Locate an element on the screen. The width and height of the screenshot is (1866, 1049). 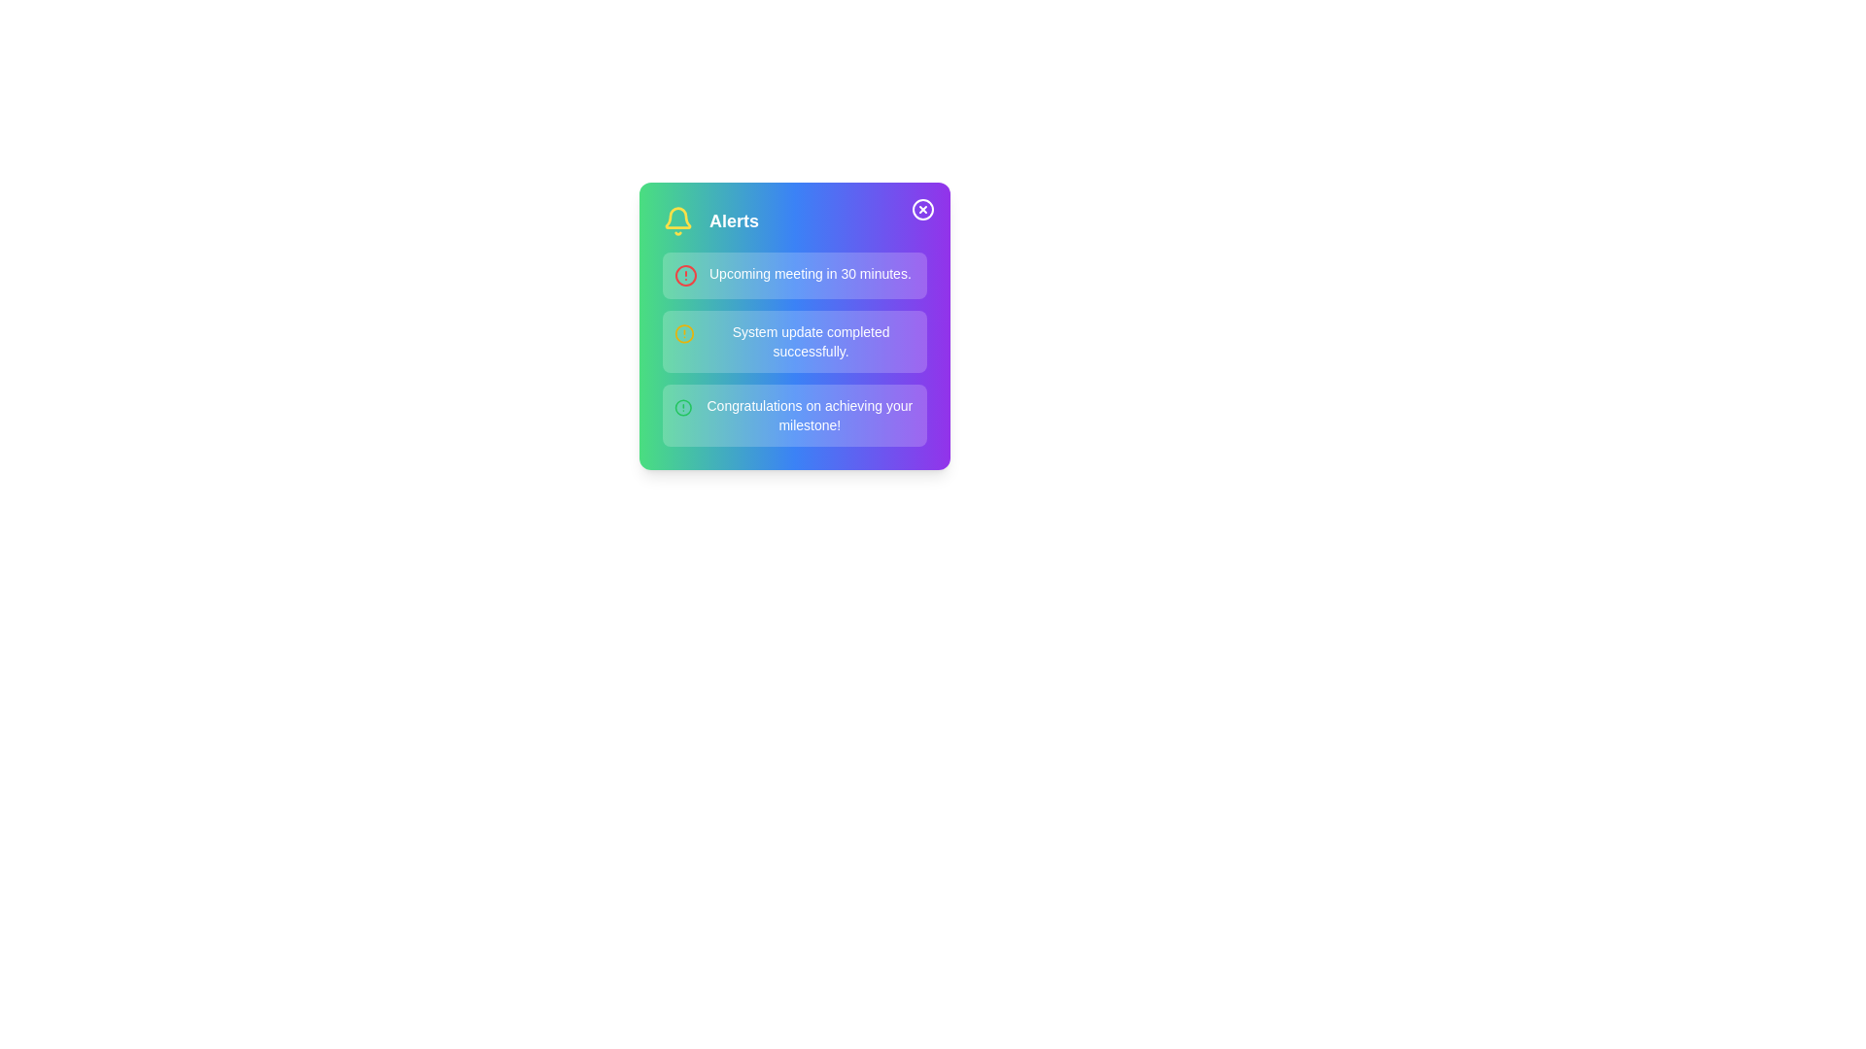
circular red notification icon located to the left of the text 'Upcoming meeting in 30 minutes' in the alert list is located at coordinates (685, 276).